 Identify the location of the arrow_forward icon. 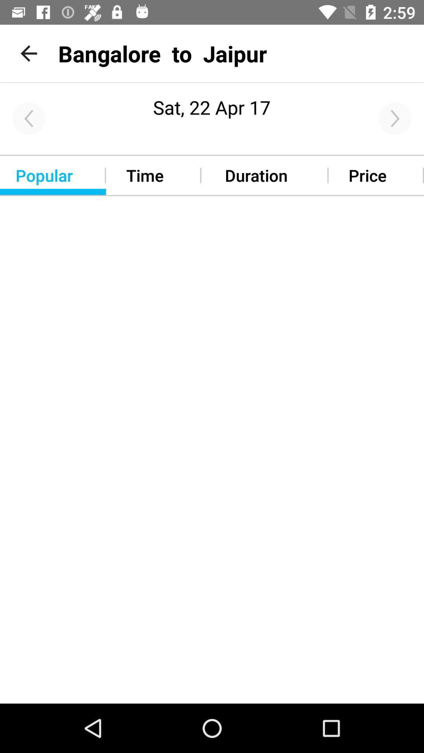
(395, 118).